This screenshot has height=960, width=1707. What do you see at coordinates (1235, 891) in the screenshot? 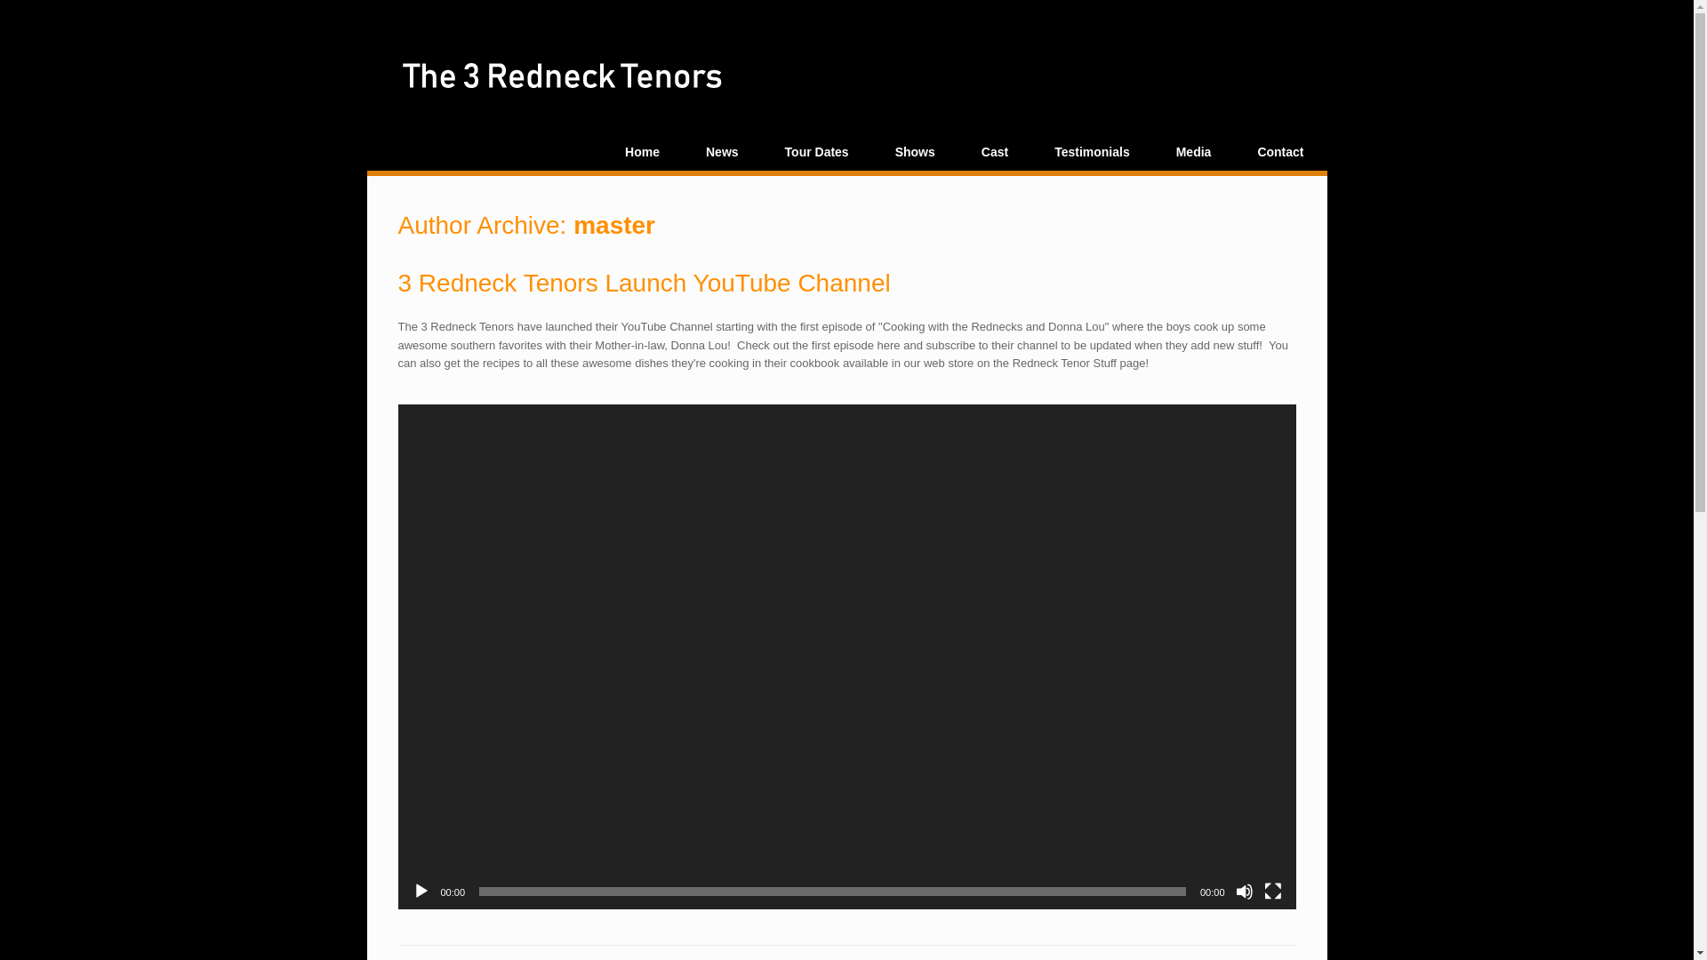
I see `'Mute'` at bounding box center [1235, 891].